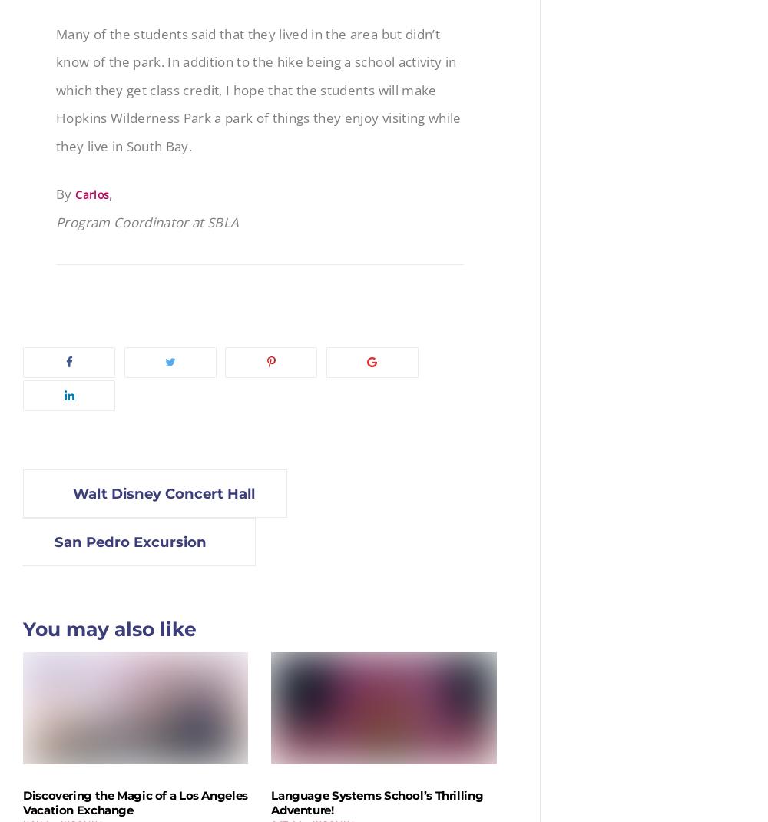 The height and width of the screenshot is (822, 768). What do you see at coordinates (257, 89) in the screenshot?
I see `'Many of the students said that they lived in the area but didn’t know of the park. In addition to the hike being a school activity in which they get class credit, I hope that the students will make Hopkins Wilderness Park a park of things they enjoy visiting while they live in South Bay.'` at bounding box center [257, 89].